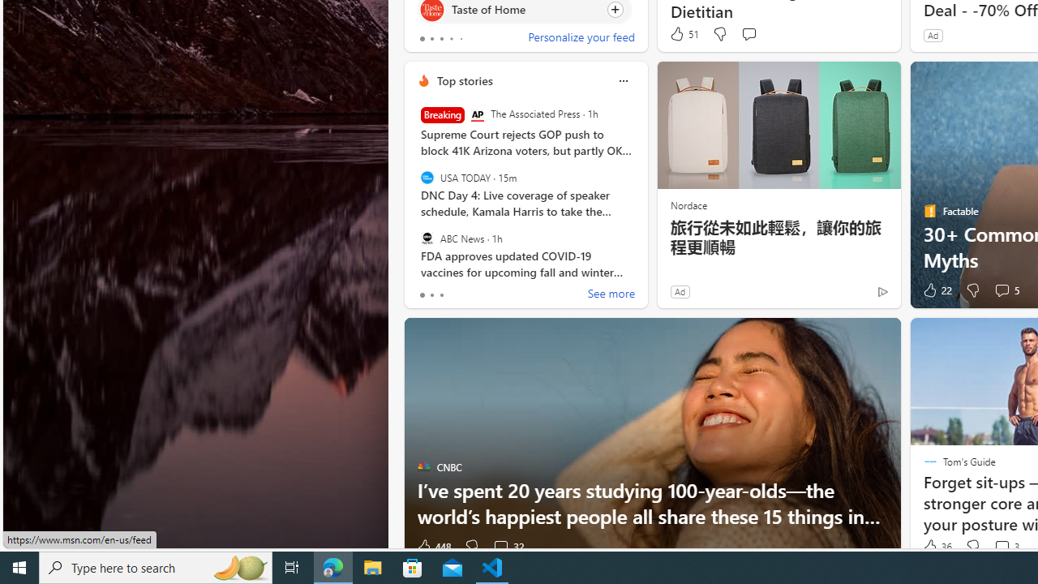  What do you see at coordinates (680, 290) in the screenshot?
I see `'Ad'` at bounding box center [680, 290].